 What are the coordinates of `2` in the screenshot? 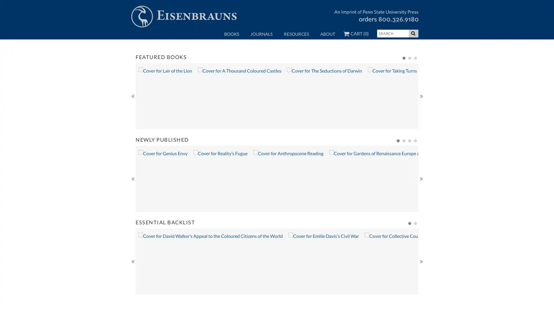 It's located at (404, 141).